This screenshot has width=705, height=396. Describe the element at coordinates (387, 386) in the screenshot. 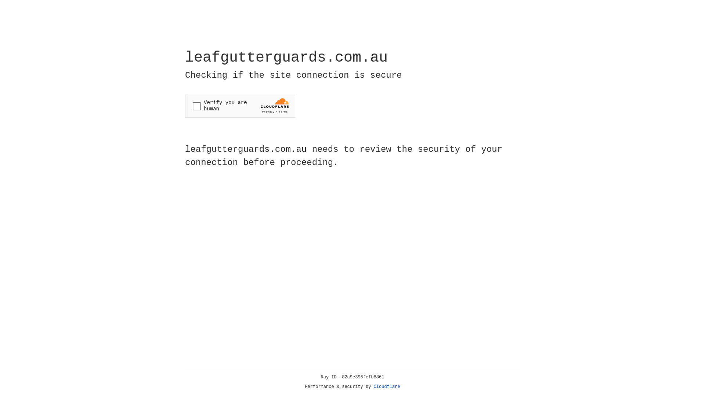

I see `'Cloudflare'` at that location.